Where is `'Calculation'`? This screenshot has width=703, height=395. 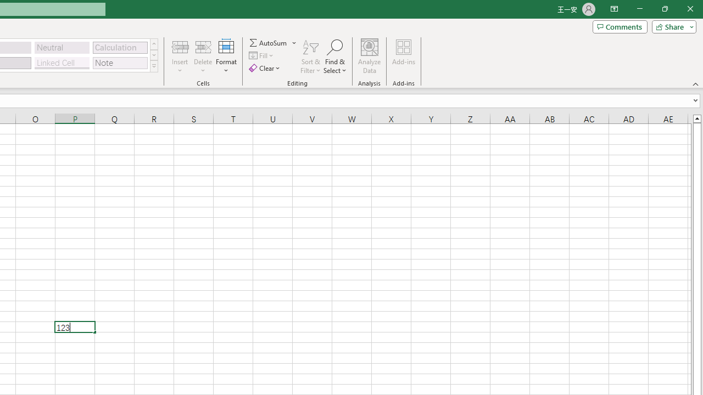
'Calculation' is located at coordinates (120, 47).